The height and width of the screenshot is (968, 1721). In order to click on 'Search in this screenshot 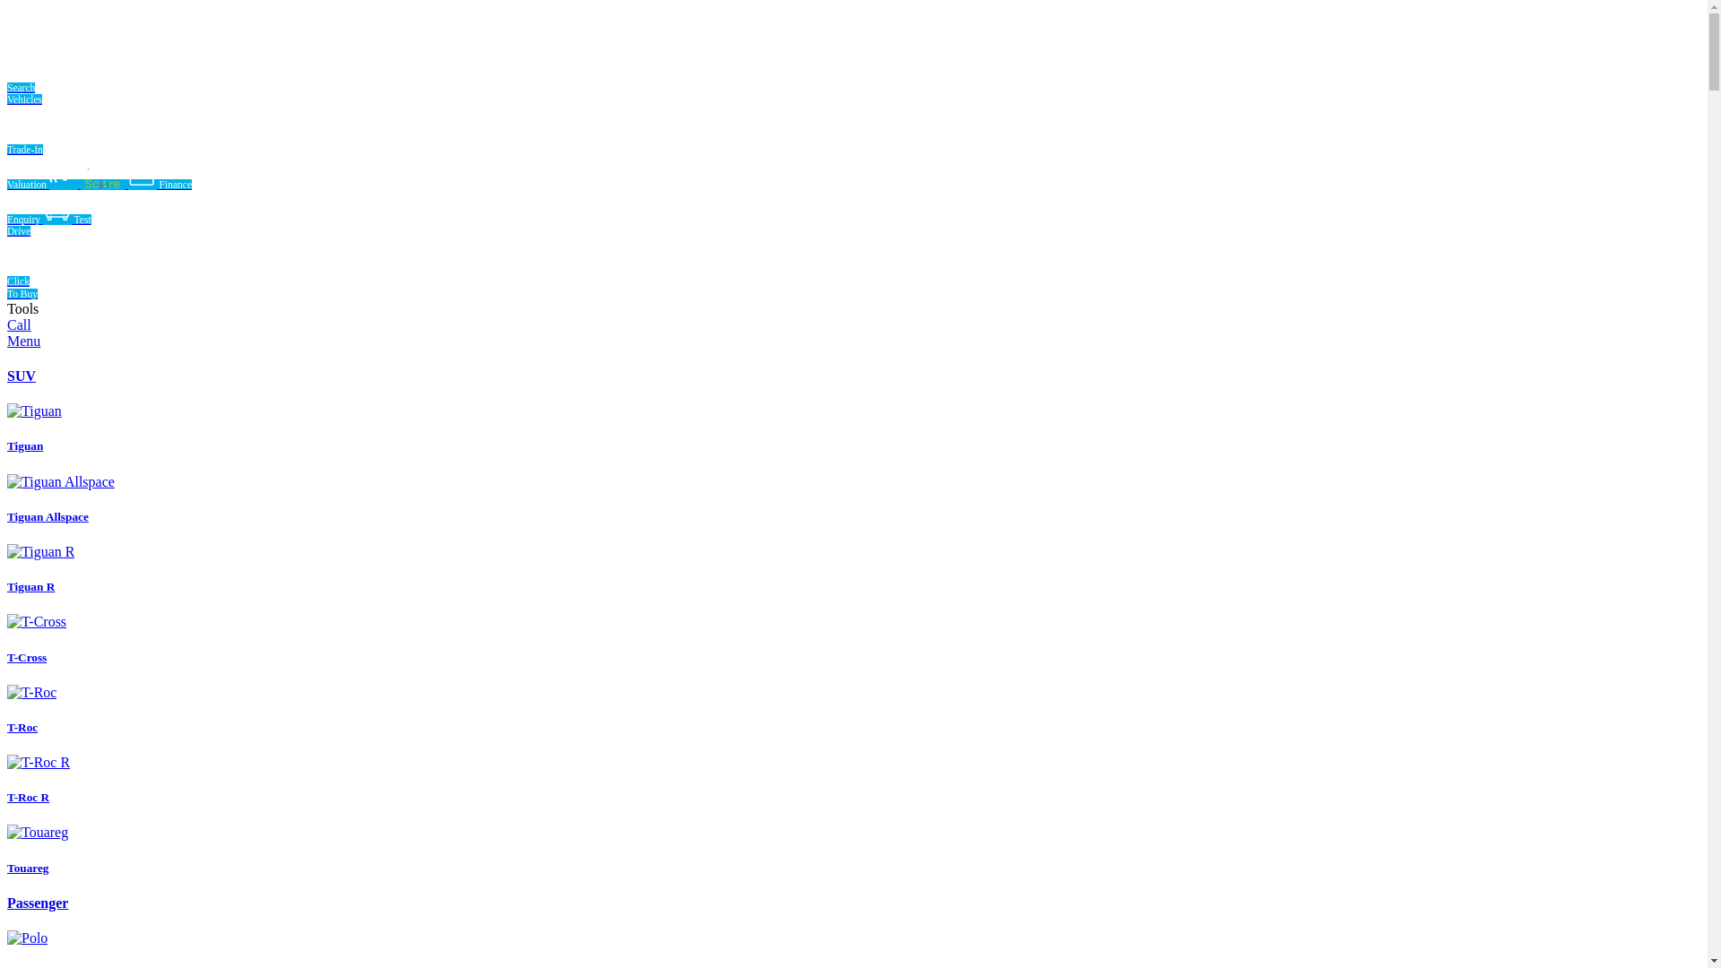, I will do `click(98, 74)`.